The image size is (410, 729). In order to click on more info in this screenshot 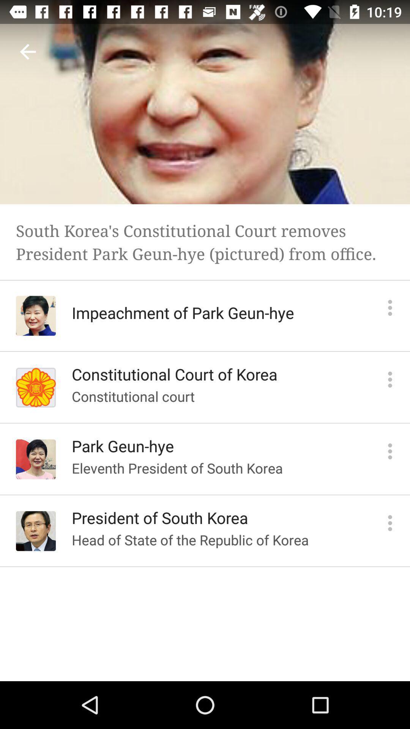, I will do `click(390, 451)`.